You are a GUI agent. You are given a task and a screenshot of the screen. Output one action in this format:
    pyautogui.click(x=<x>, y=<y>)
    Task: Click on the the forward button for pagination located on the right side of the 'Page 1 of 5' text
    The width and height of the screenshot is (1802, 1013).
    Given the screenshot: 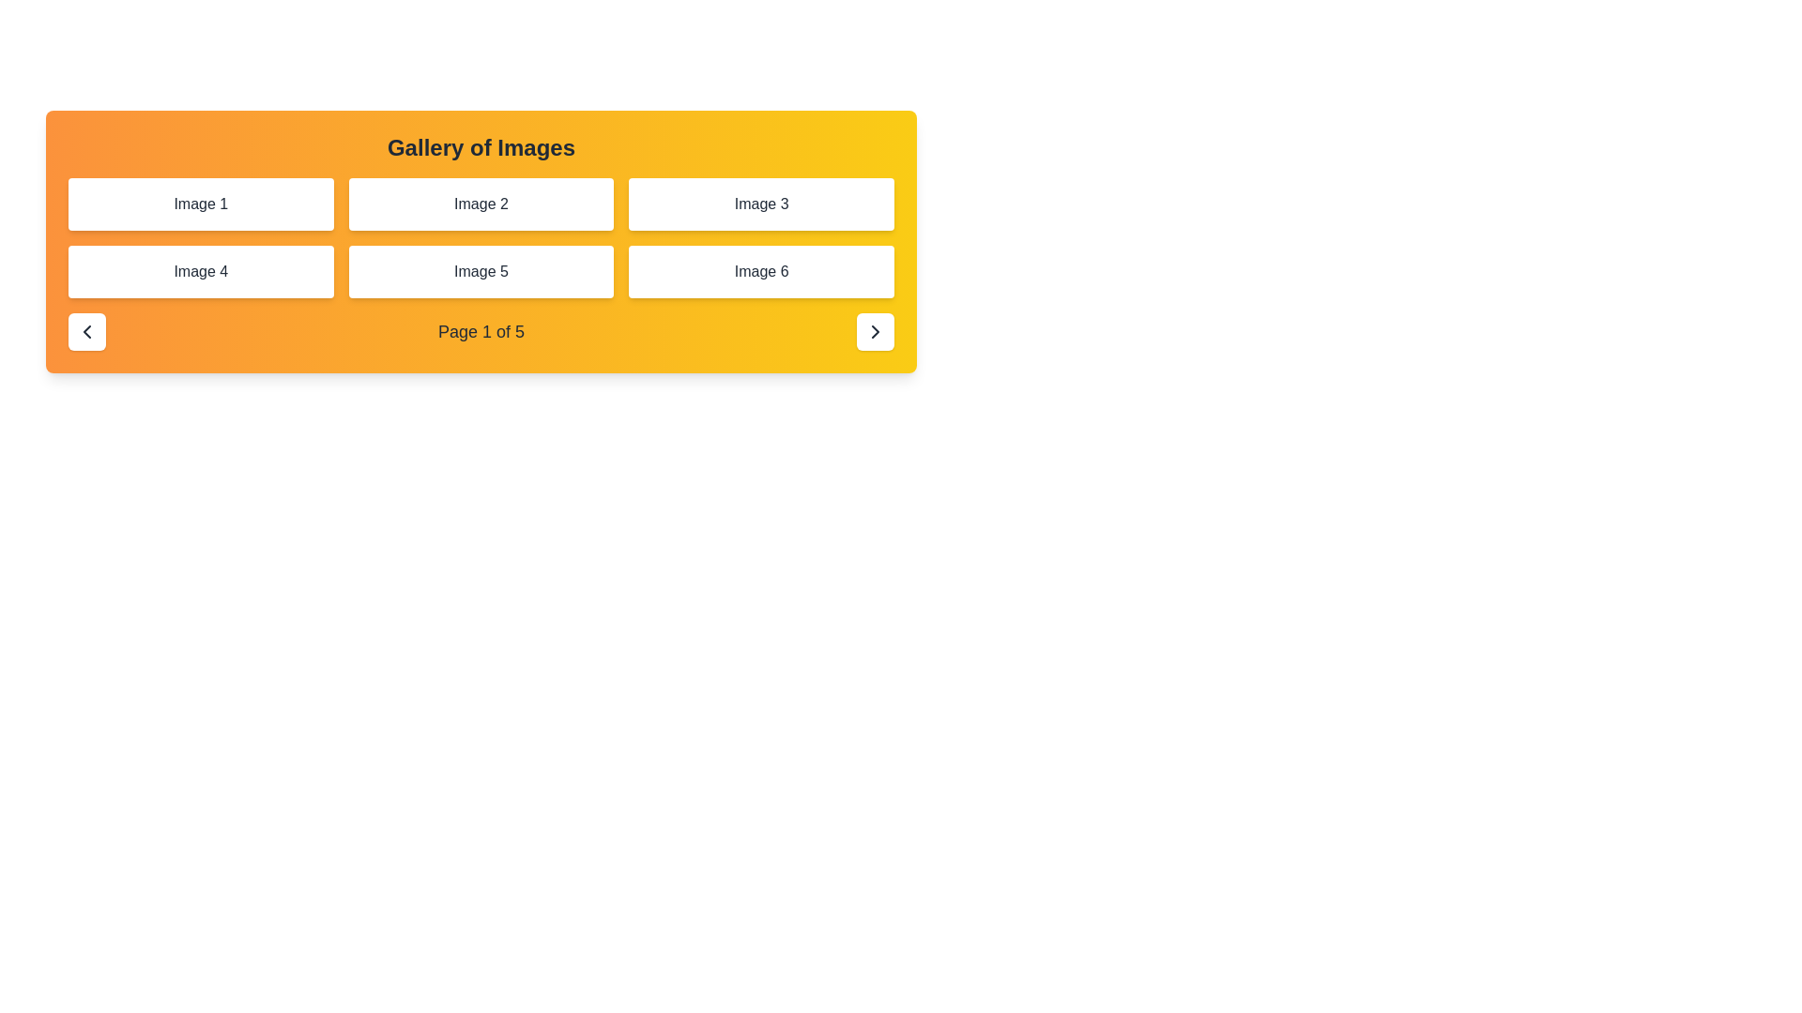 What is the action you would take?
    pyautogui.click(x=874, y=331)
    